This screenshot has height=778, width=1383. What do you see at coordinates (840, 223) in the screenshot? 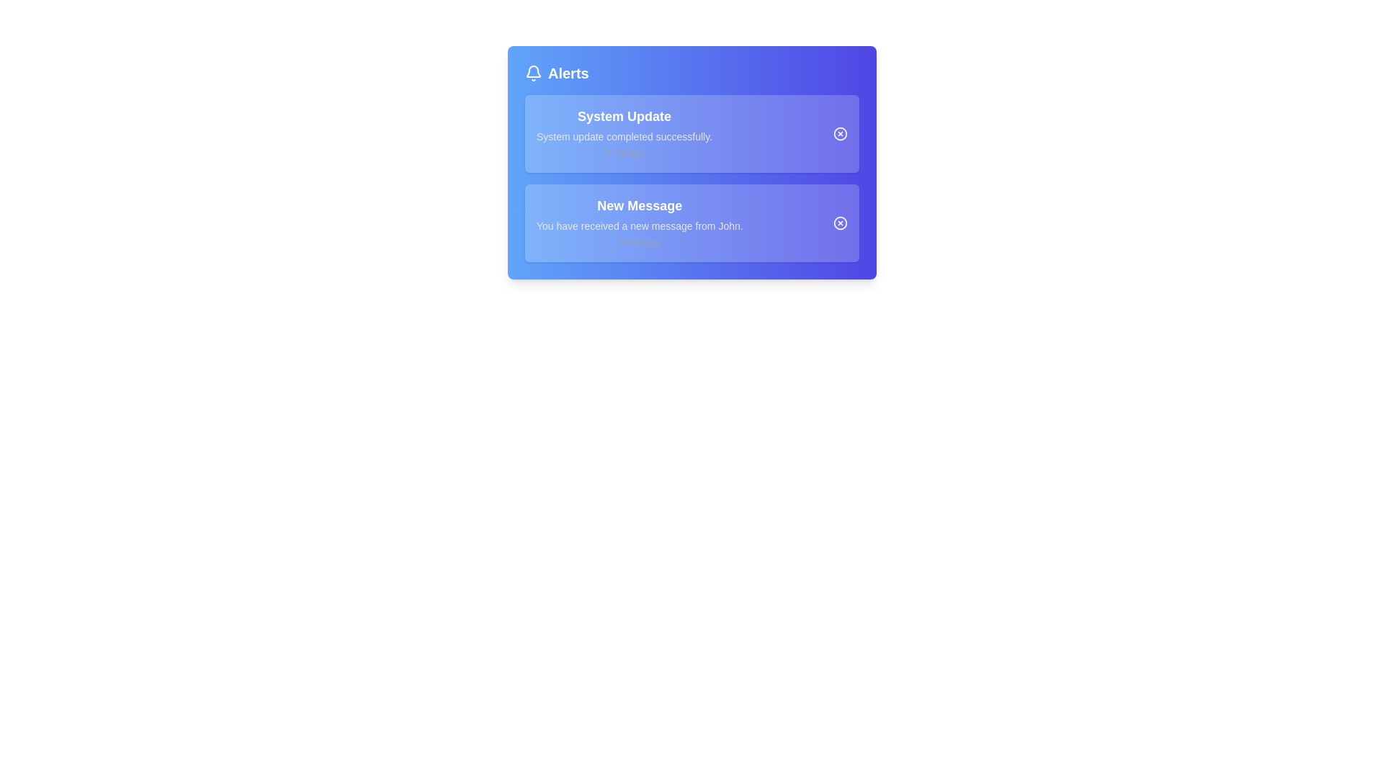
I see `the dismiss button located in the bottom-right corner of the 'New Message' card` at bounding box center [840, 223].